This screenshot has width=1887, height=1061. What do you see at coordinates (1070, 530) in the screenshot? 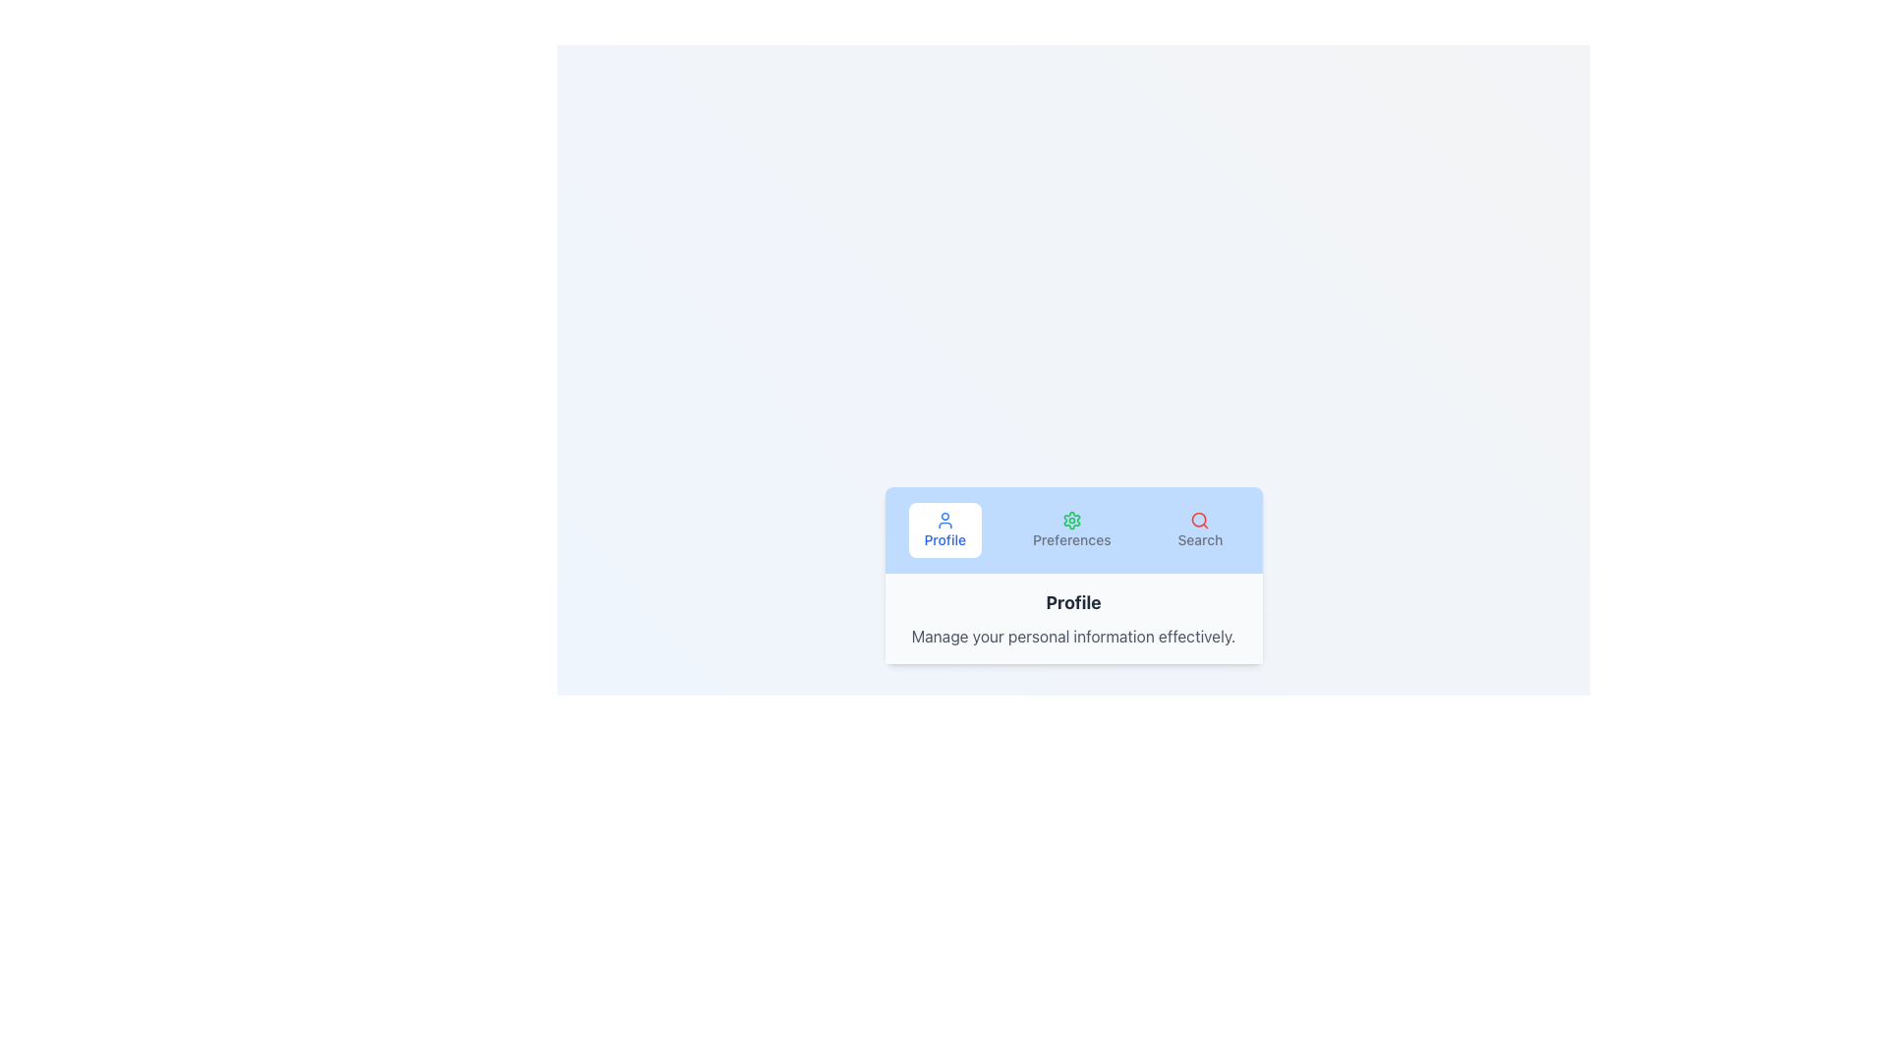
I see `the navigation button labeled 'Preferences'` at bounding box center [1070, 530].